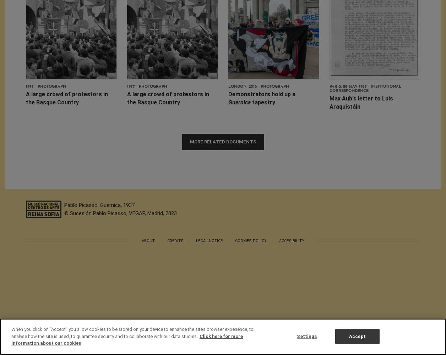 This screenshot has height=355, width=446. I want to click on 'Legal notice', so click(209, 240).